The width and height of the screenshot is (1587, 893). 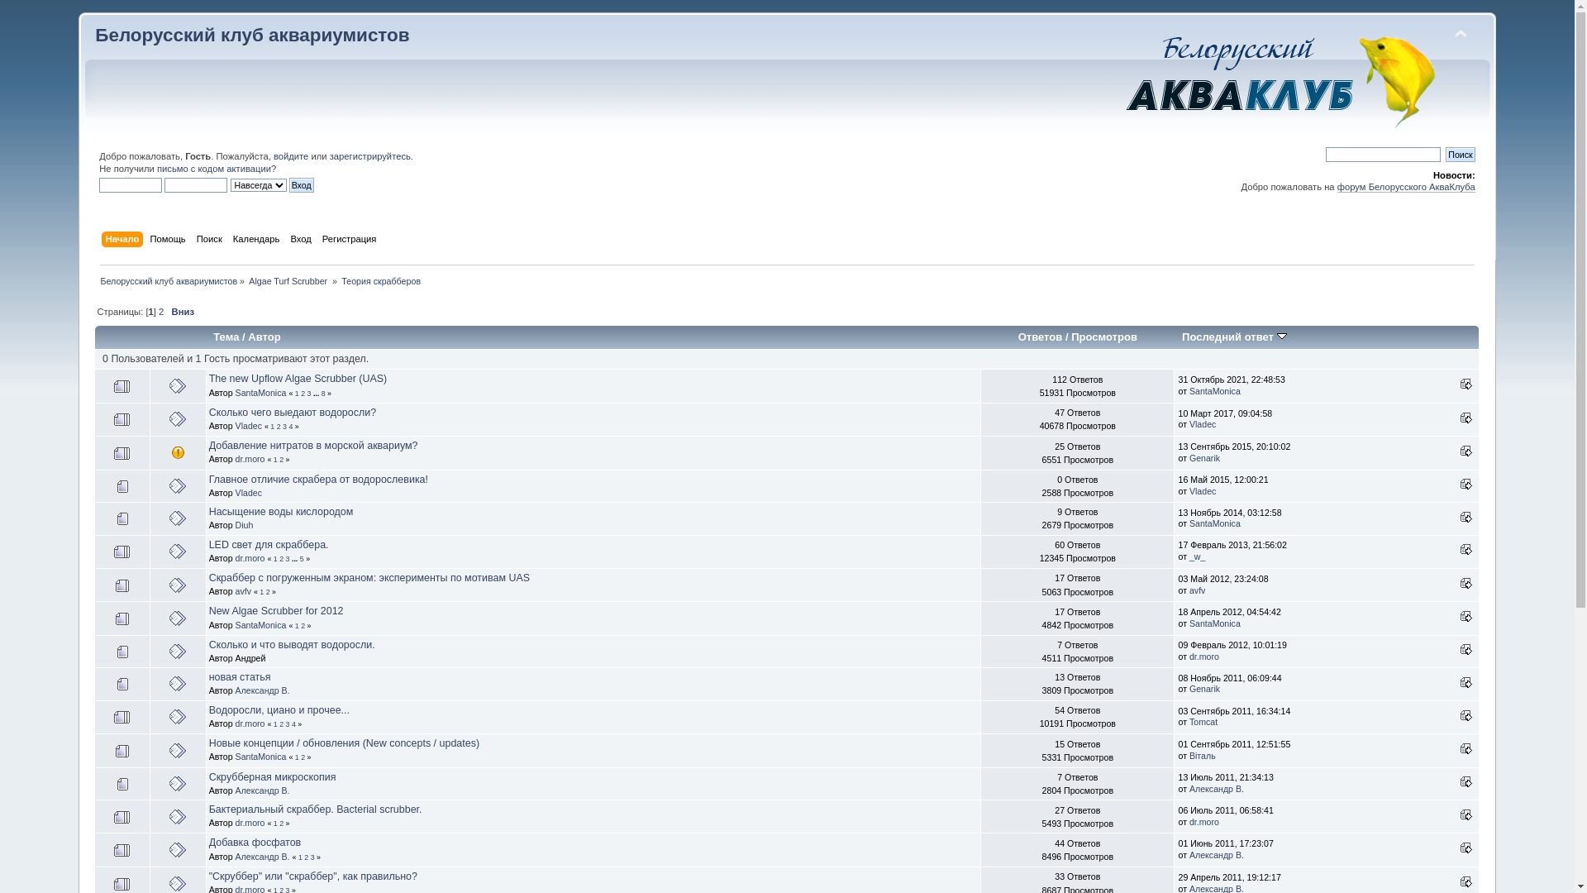 What do you see at coordinates (1214, 623) in the screenshot?
I see `'SantaMonica'` at bounding box center [1214, 623].